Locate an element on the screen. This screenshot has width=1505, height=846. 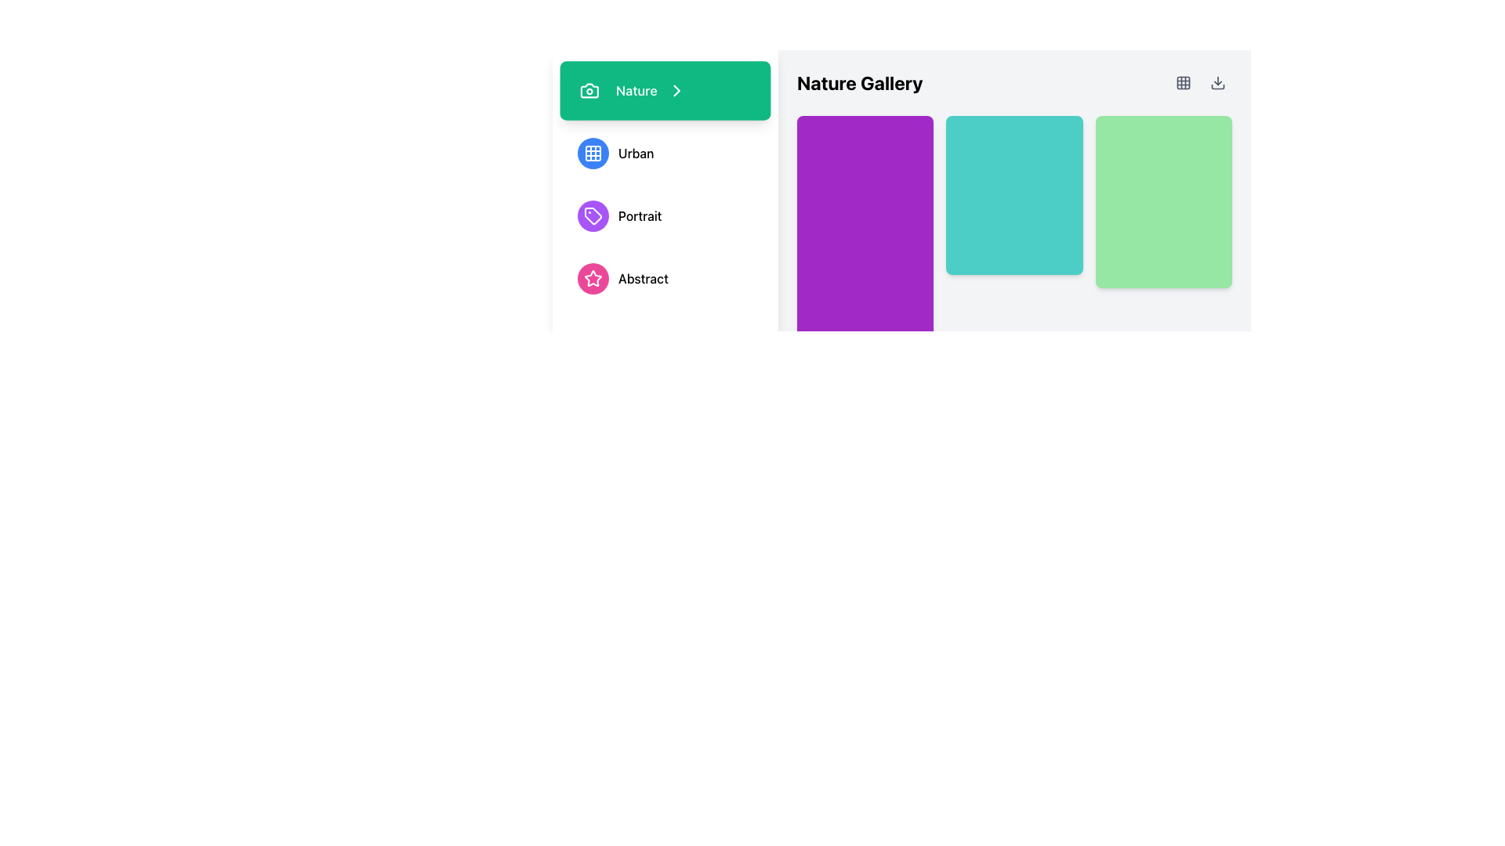
the SVG icon within the purple circular button that represents the 'Portrait' category in the vertical menu on the left side of the interface is located at coordinates (593, 216).